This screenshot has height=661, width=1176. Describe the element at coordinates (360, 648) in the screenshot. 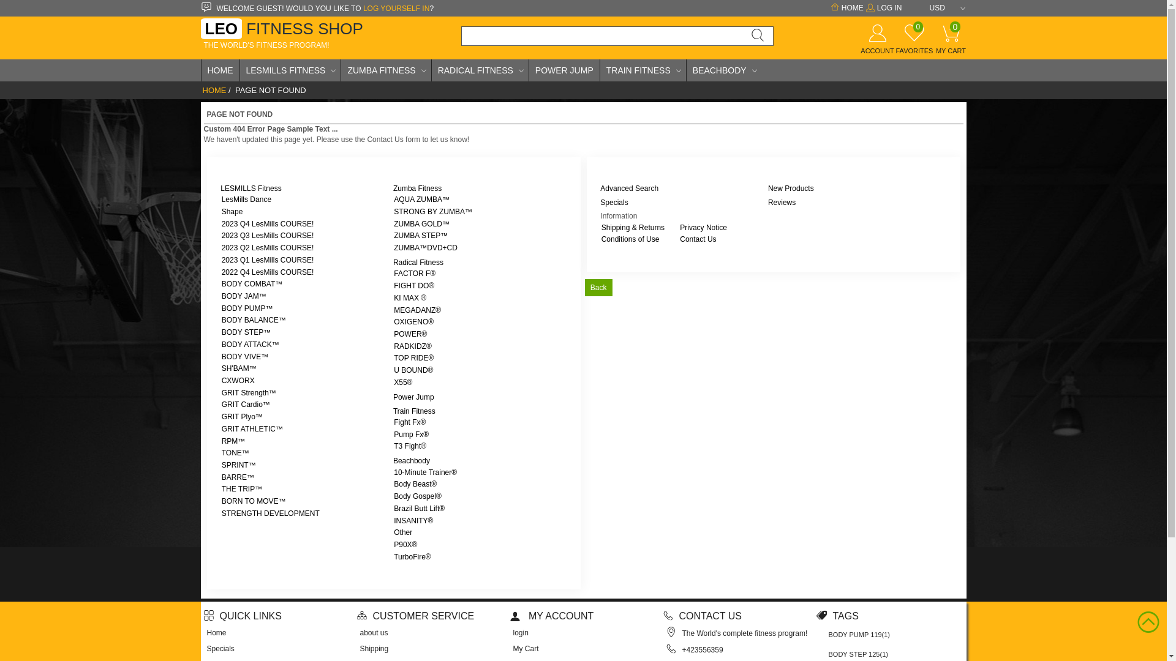

I see `'Shipping'` at that location.